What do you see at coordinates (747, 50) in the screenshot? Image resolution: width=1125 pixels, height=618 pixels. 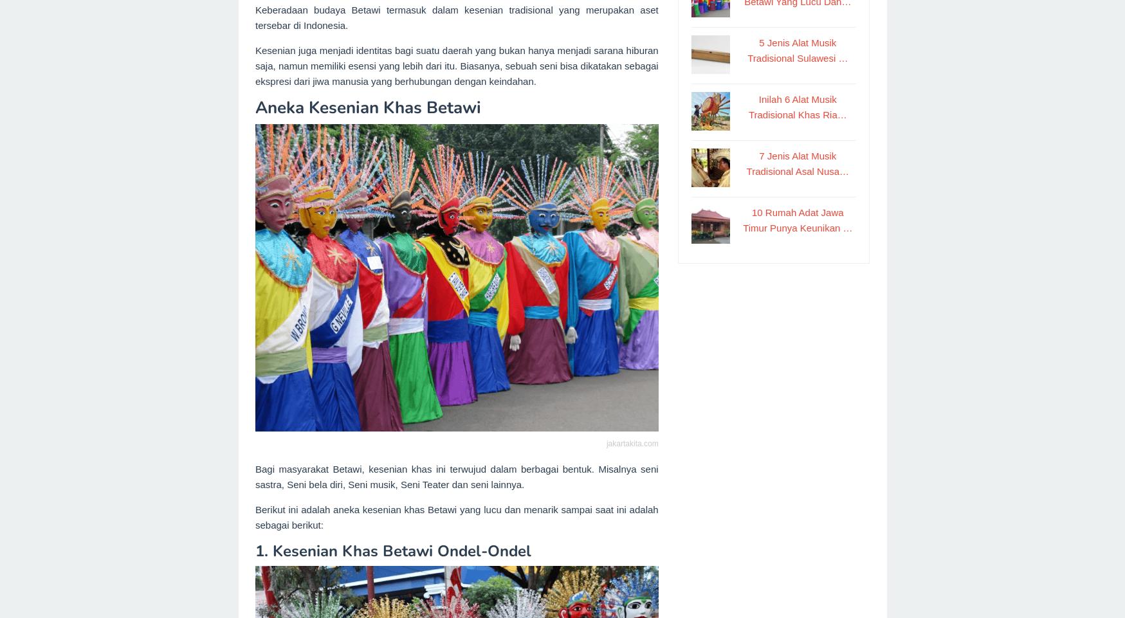 I see `'5 Jenis Alat Musik Tradisional Sulawesi …'` at bounding box center [747, 50].